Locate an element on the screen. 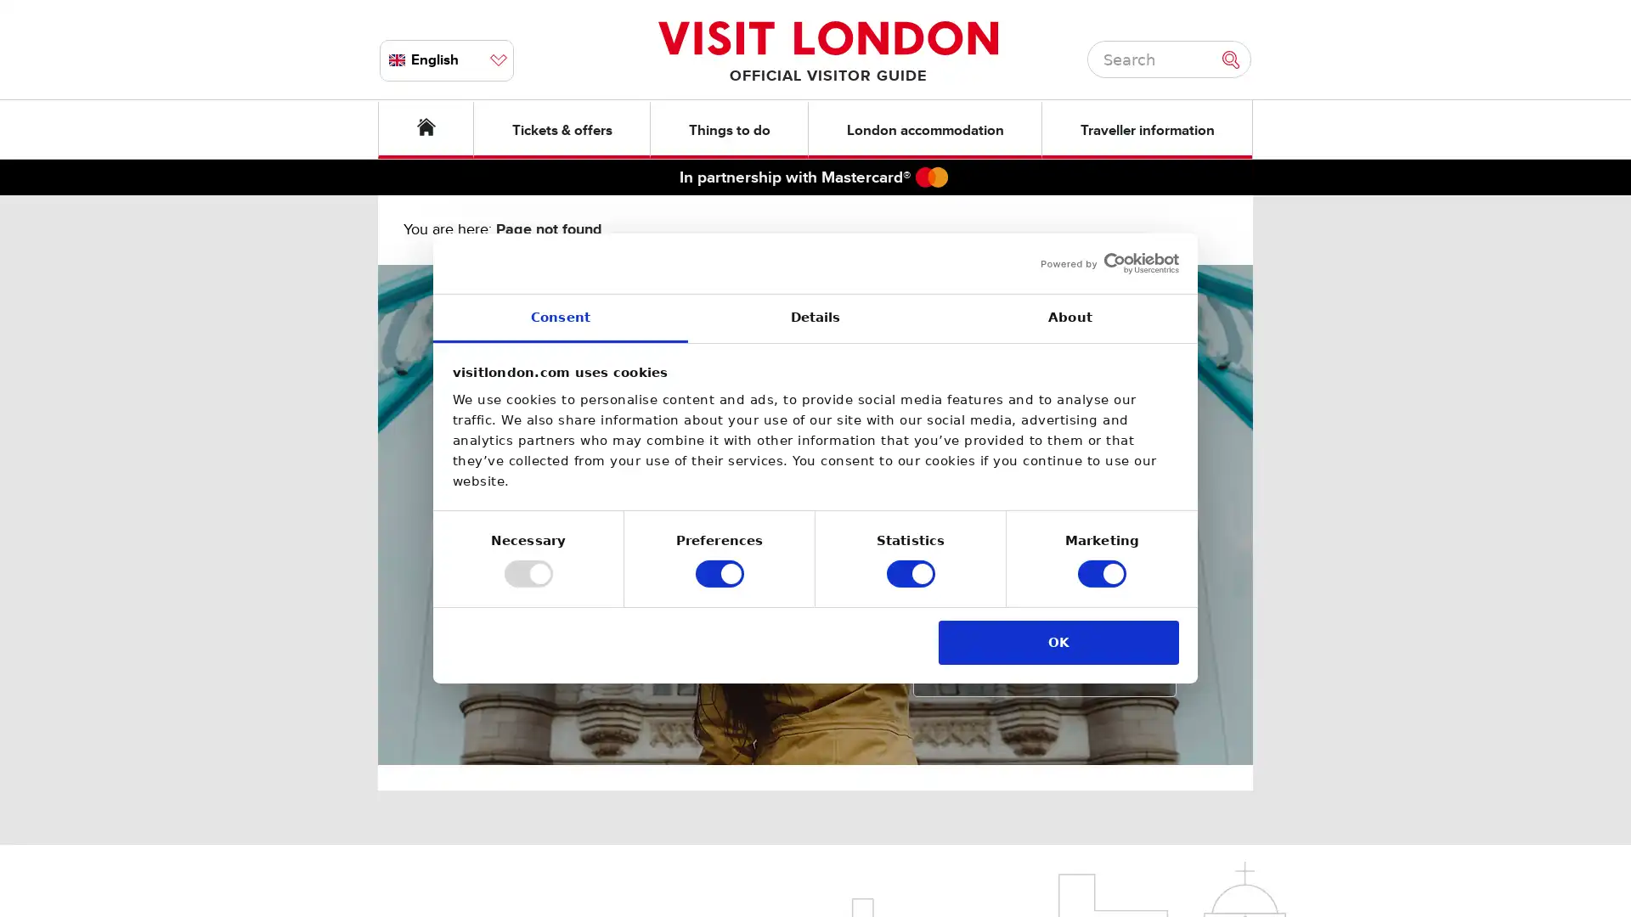  Search is located at coordinates (1235, 58).